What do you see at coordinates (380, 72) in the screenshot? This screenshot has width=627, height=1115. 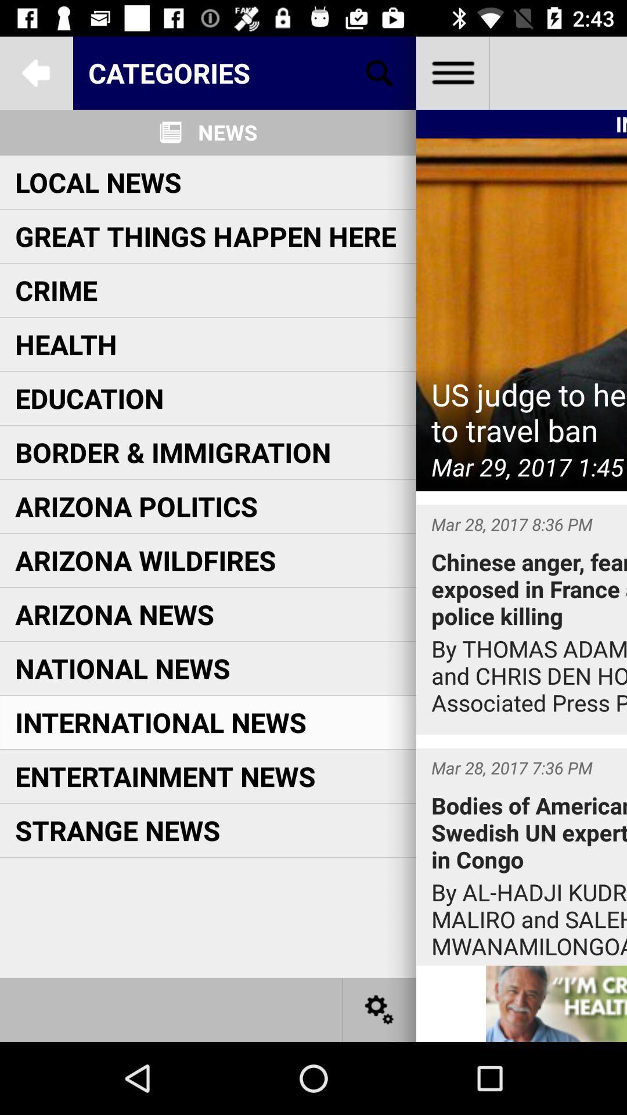 I see `the search icon` at bounding box center [380, 72].